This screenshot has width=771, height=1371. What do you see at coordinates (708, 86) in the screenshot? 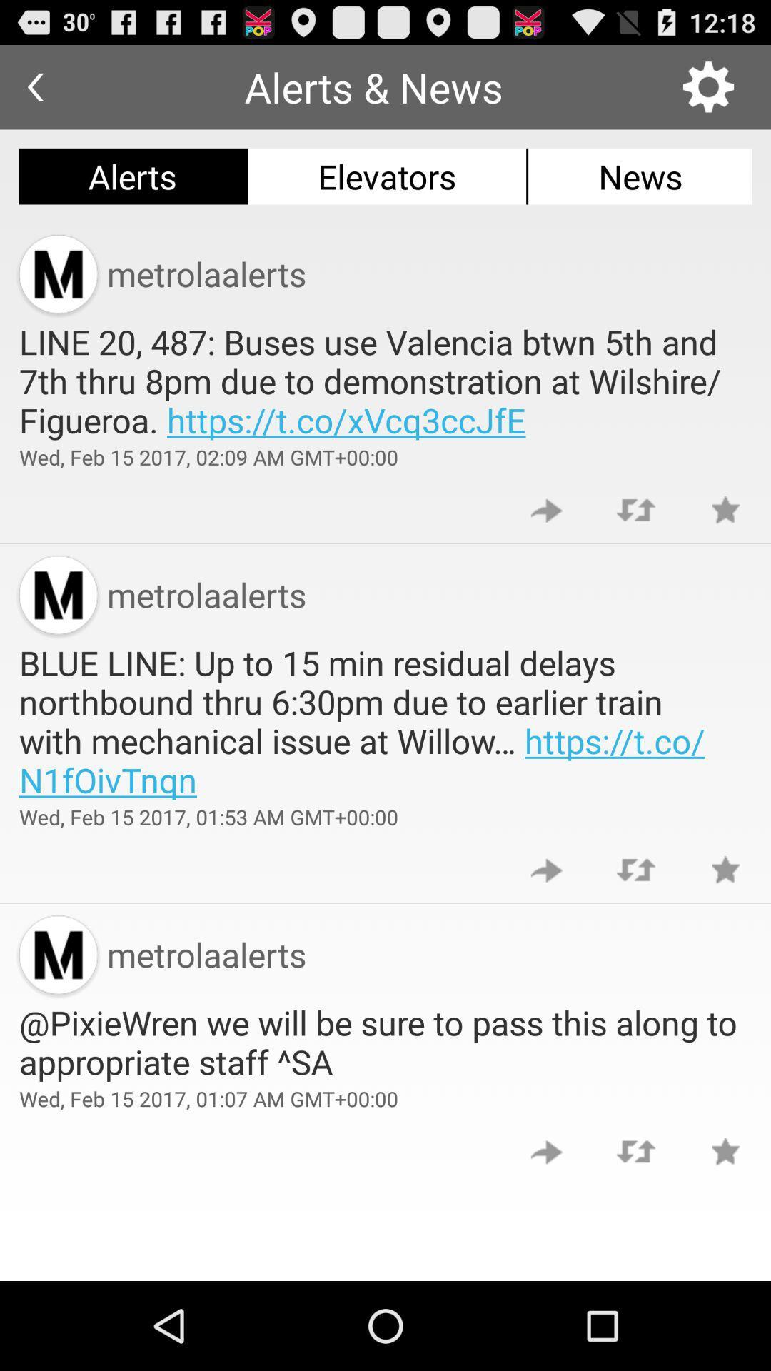
I see `the item to the right of alerts & news item` at bounding box center [708, 86].